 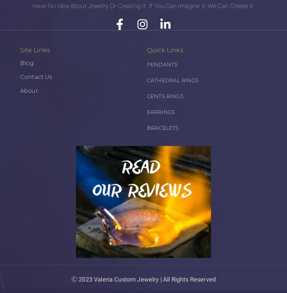 I want to click on 'Ⓒ 2023', so click(x=71, y=279).